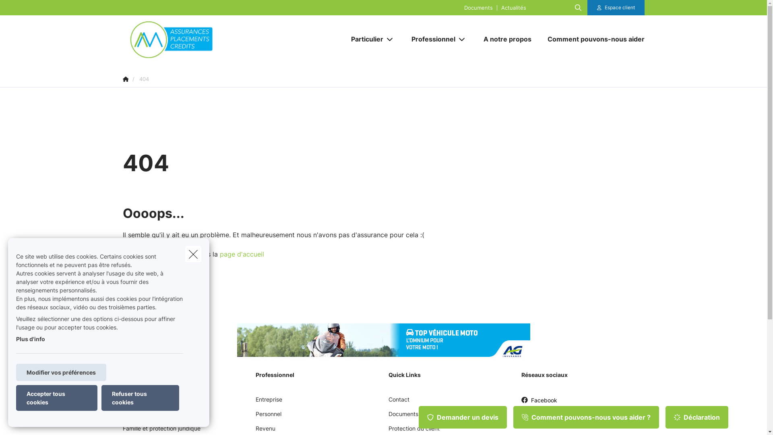 The width and height of the screenshot is (773, 435). I want to click on 'A notre propos', so click(475, 39).